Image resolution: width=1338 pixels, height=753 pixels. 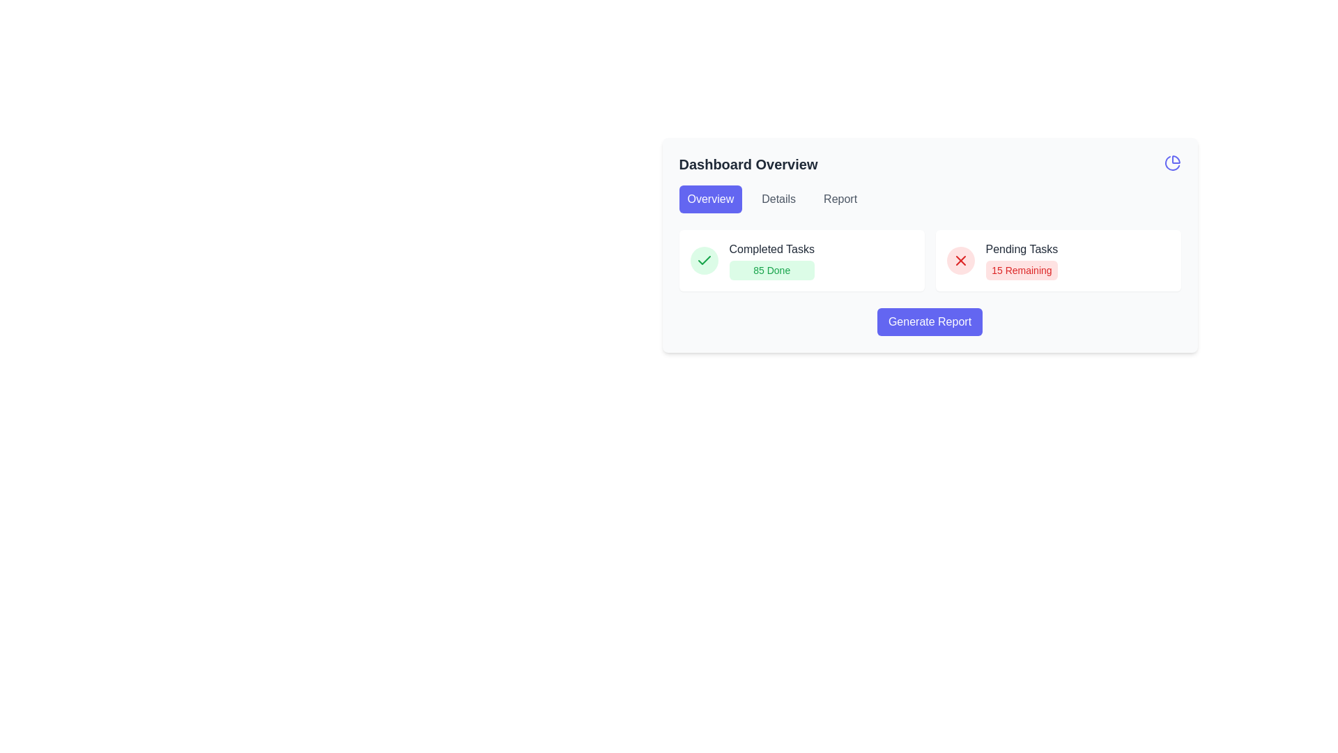 What do you see at coordinates (778, 199) in the screenshot?
I see `the button located under the 'Dashboard Overview' heading, positioned between the 'Overview' and 'Report' buttons` at bounding box center [778, 199].